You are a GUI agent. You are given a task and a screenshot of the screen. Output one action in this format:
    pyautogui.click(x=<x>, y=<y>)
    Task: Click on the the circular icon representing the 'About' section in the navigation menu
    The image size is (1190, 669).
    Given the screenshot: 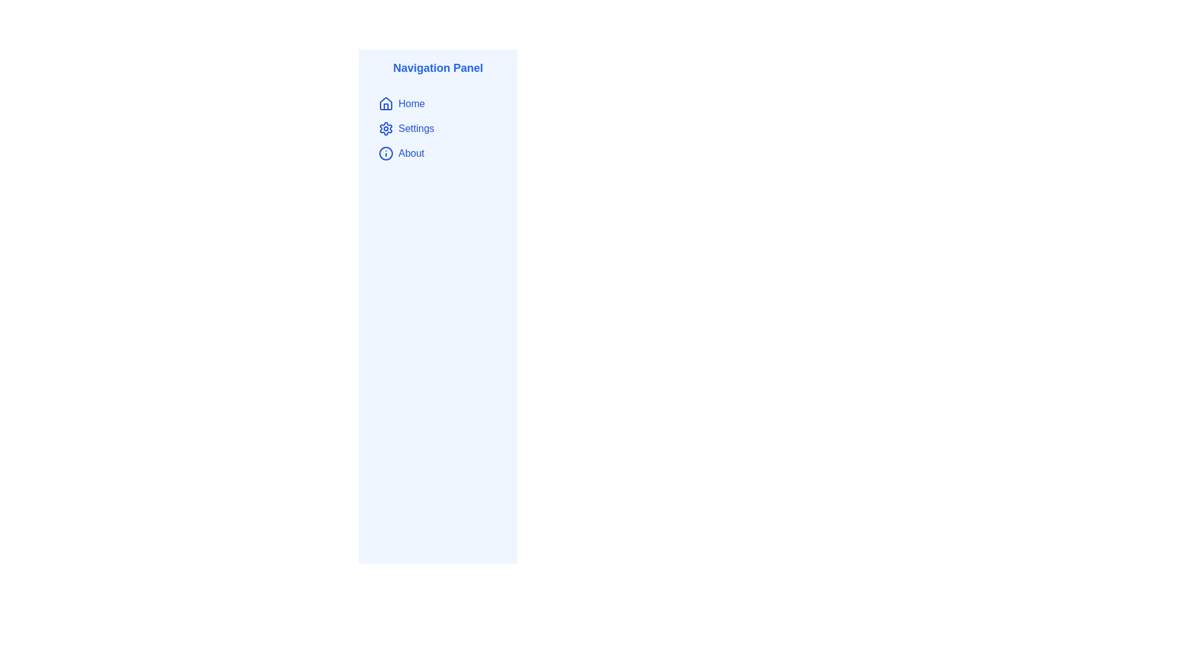 What is the action you would take?
    pyautogui.click(x=386, y=152)
    